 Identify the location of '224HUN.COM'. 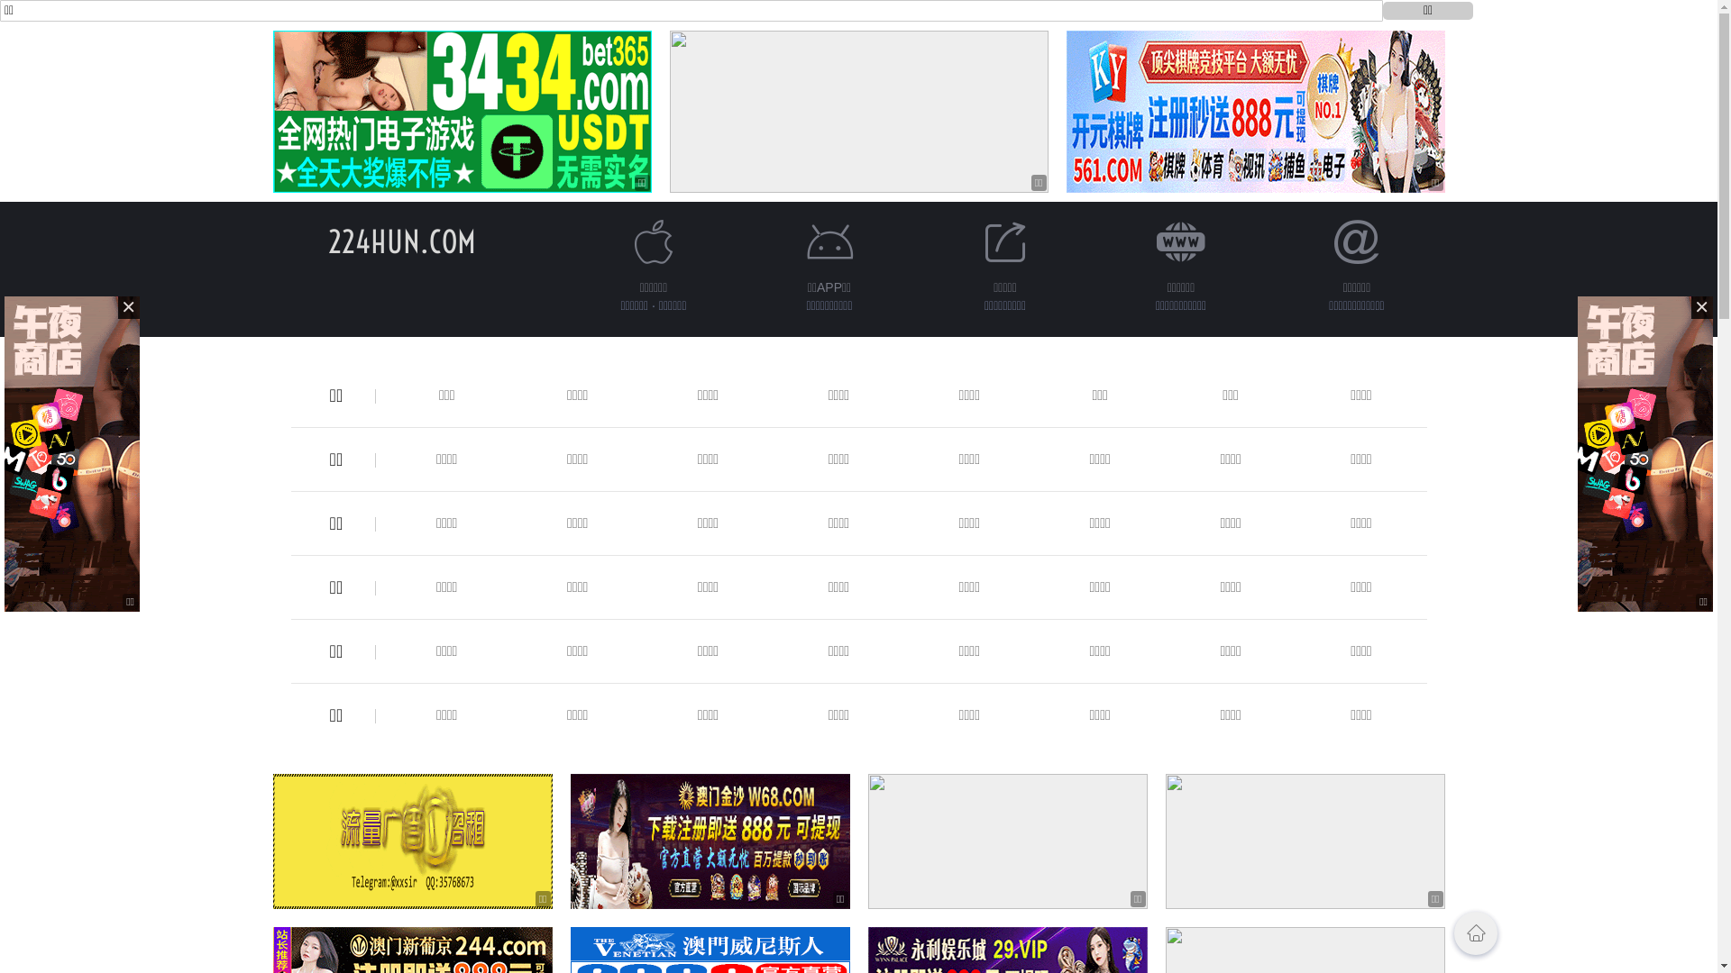
(401, 241).